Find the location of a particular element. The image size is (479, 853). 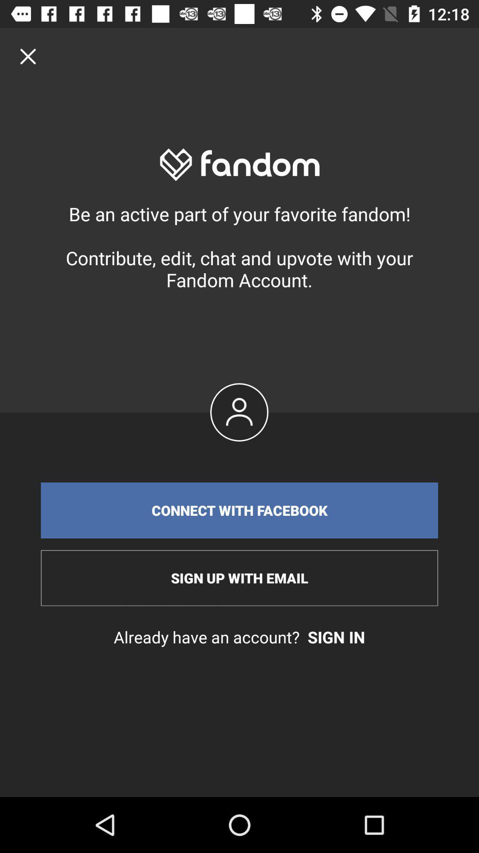

connect with facebook icon is located at coordinates (239, 510).